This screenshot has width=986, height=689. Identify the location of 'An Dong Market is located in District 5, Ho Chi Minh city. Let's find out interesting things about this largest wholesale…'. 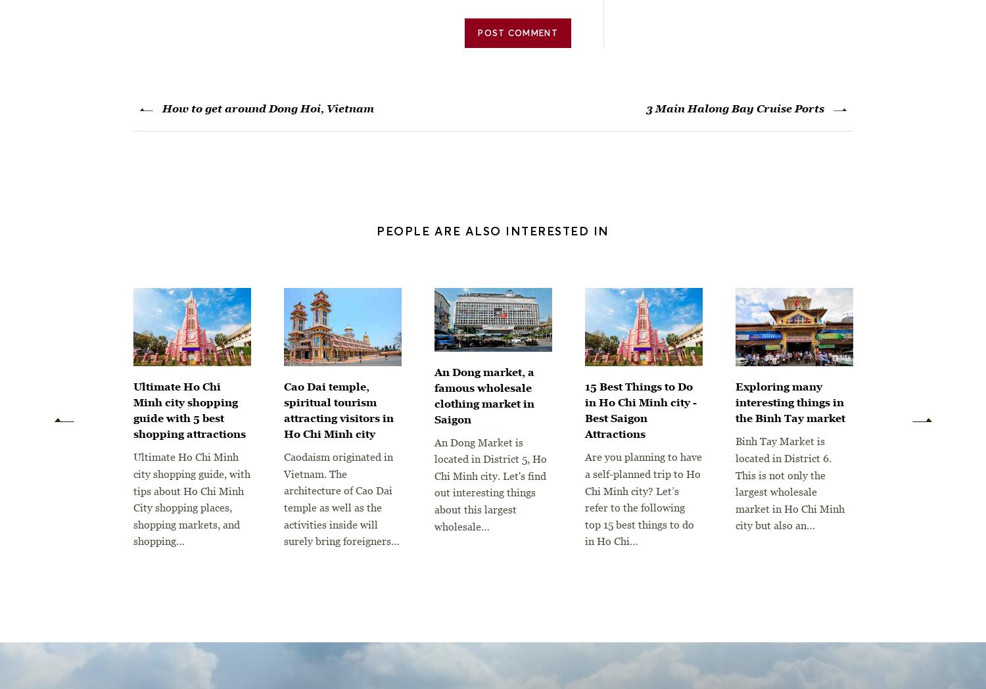
(489, 483).